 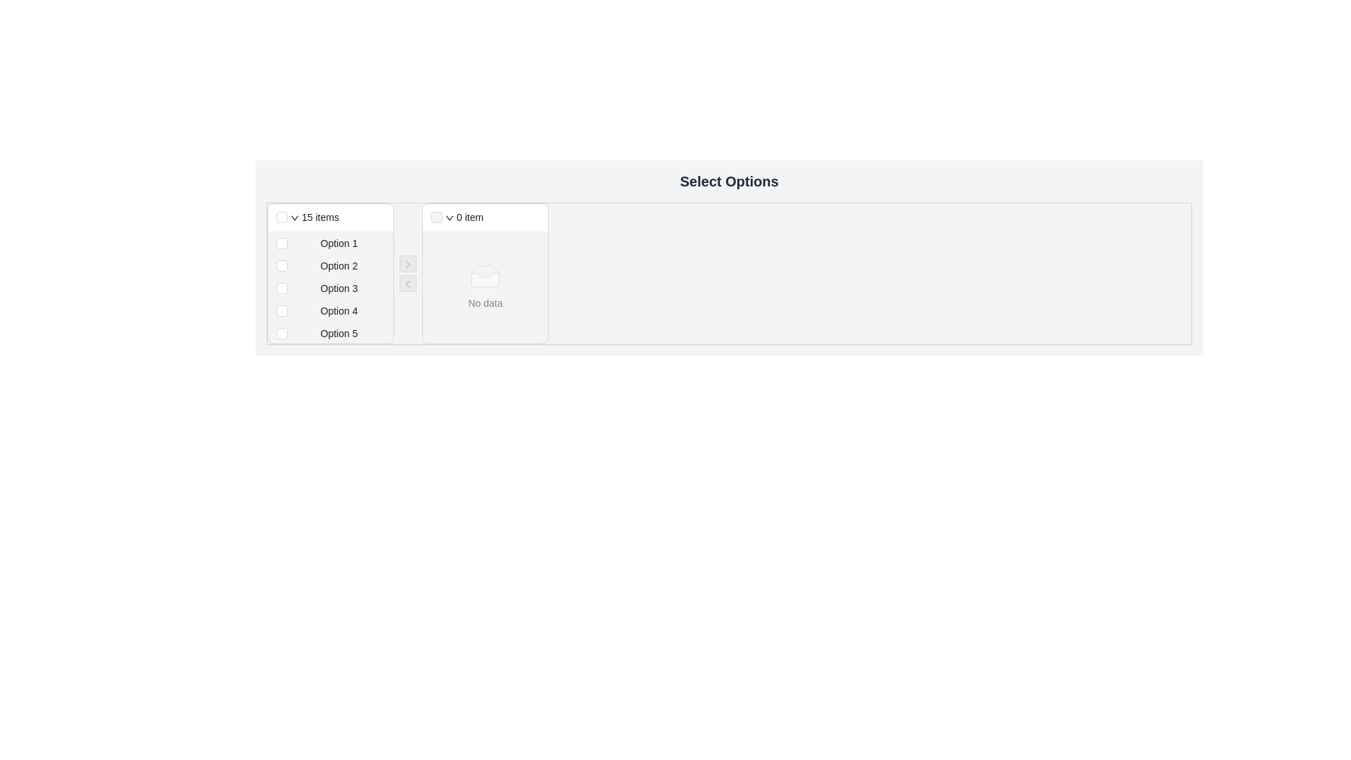 What do you see at coordinates (281, 310) in the screenshot?
I see `the checkbox at the start of the list item labeled 'Option 4'` at bounding box center [281, 310].